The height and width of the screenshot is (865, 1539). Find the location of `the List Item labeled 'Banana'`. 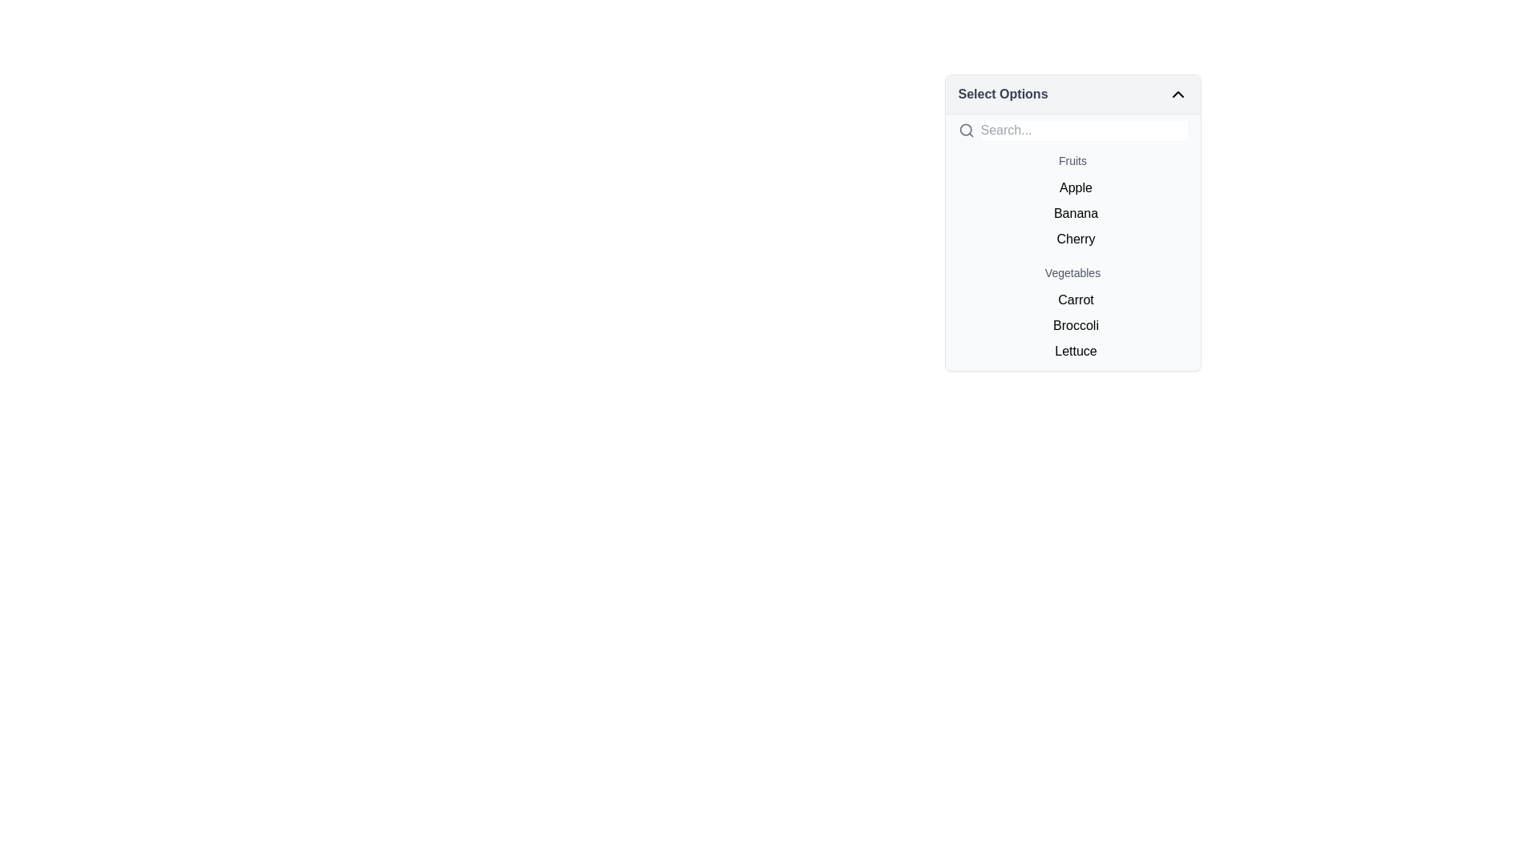

the List Item labeled 'Banana' is located at coordinates (1072, 223).